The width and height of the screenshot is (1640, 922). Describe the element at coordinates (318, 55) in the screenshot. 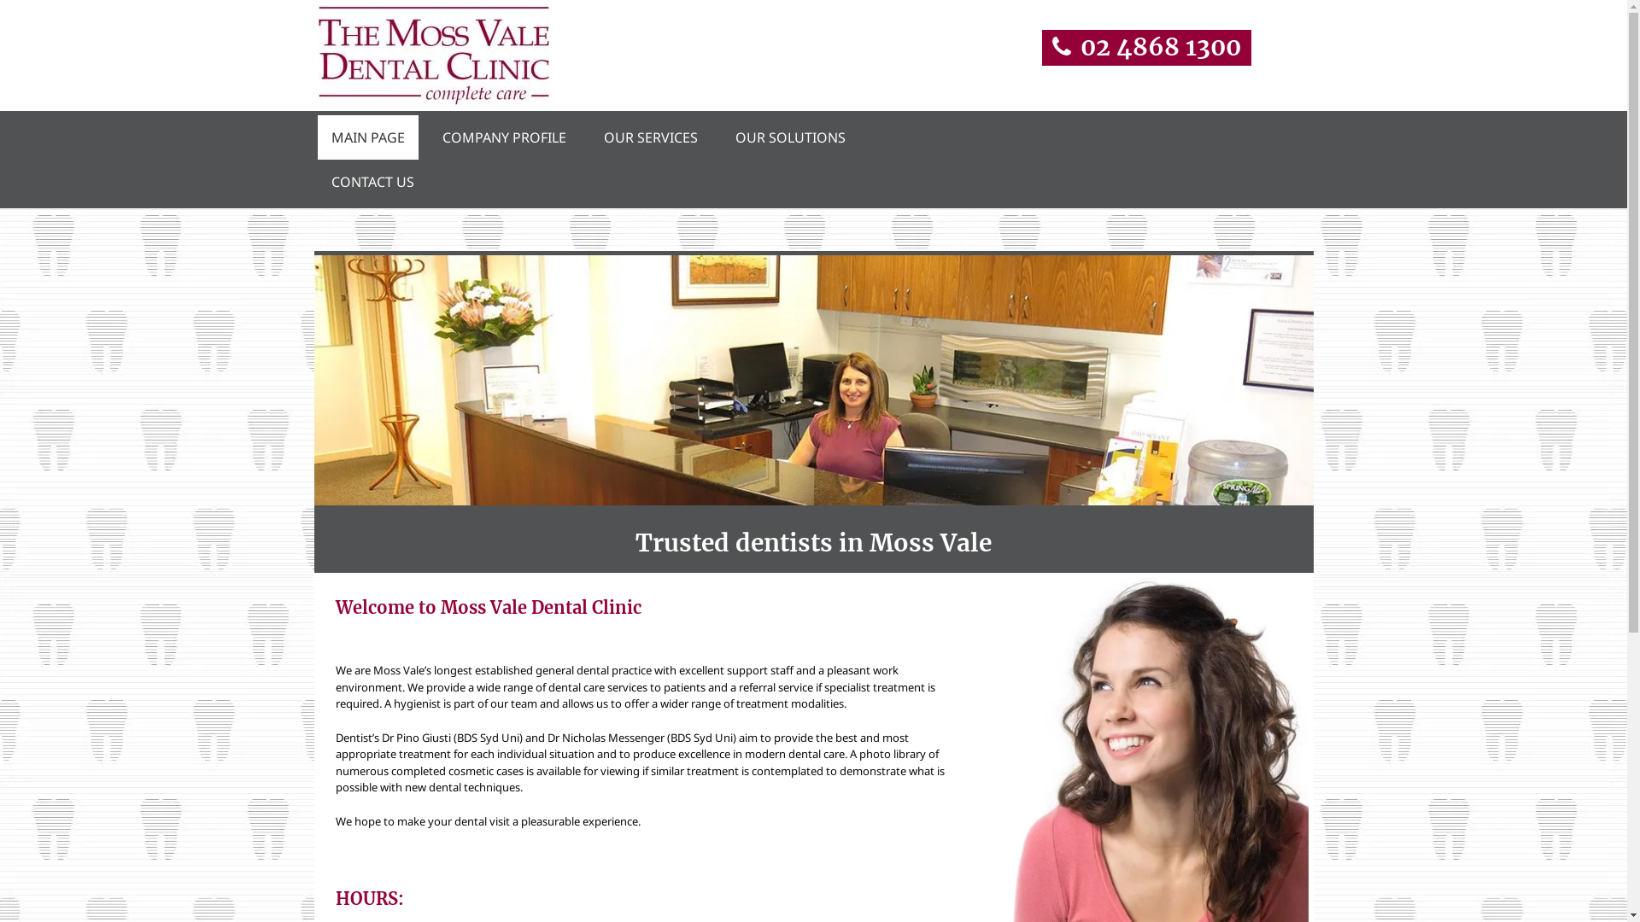

I see `'the moss vale dental clinic logo'` at that location.